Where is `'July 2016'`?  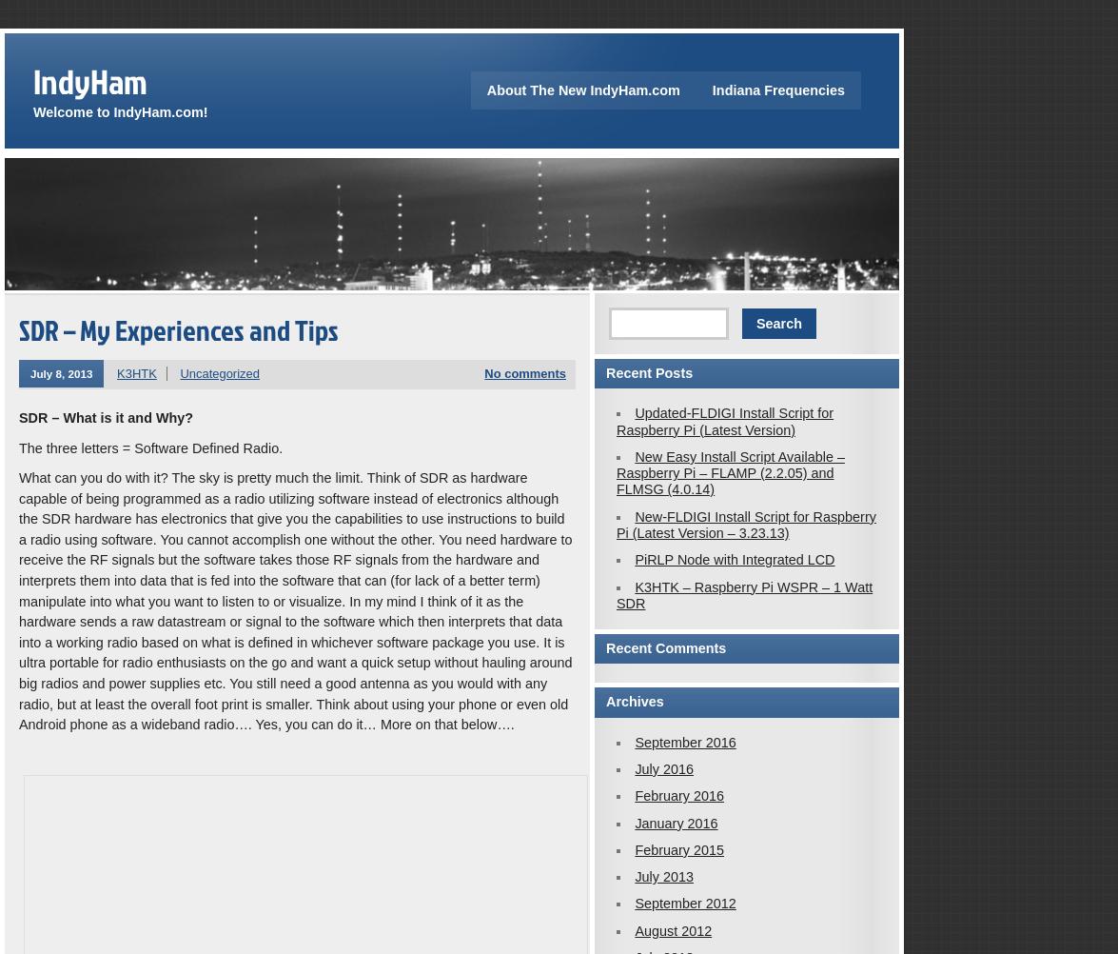 'July 2016' is located at coordinates (662, 767).